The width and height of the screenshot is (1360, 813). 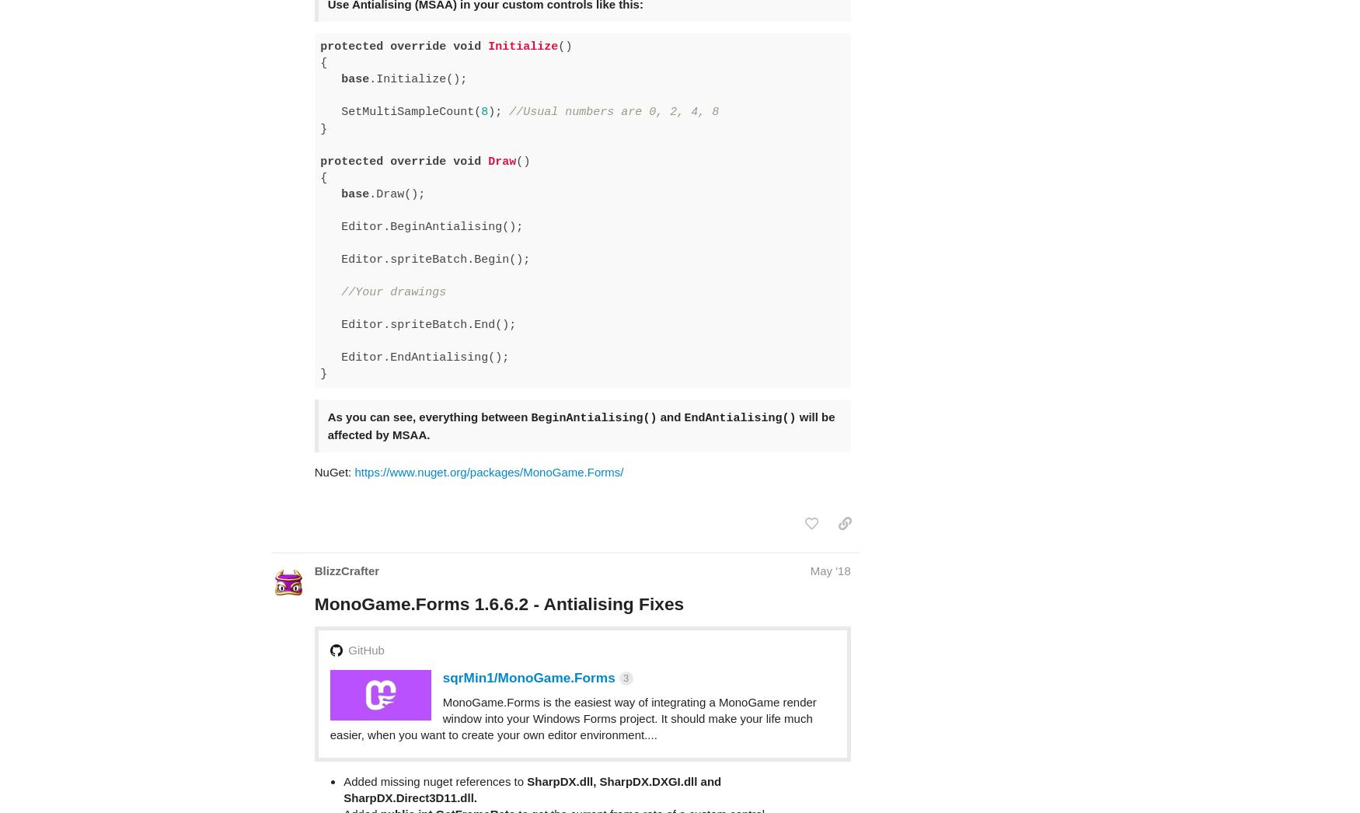 I want to click on 'AntialisingRenderTarget', so click(x=433, y=802).